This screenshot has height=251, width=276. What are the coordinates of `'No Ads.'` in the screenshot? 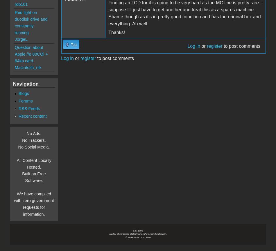 It's located at (34, 134).